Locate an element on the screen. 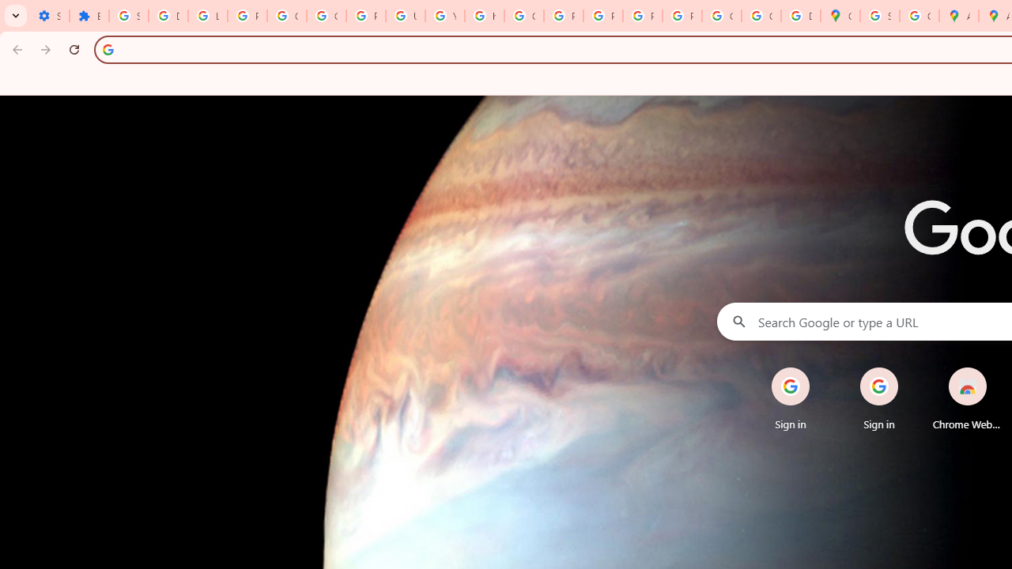 This screenshot has height=569, width=1012. 'Google Account Help' is located at coordinates (286, 16).